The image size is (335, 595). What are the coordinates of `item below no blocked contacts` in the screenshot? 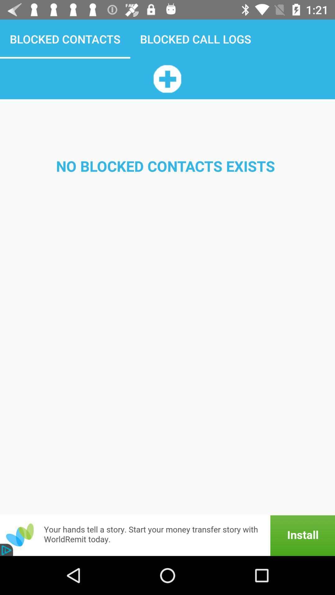 It's located at (167, 535).